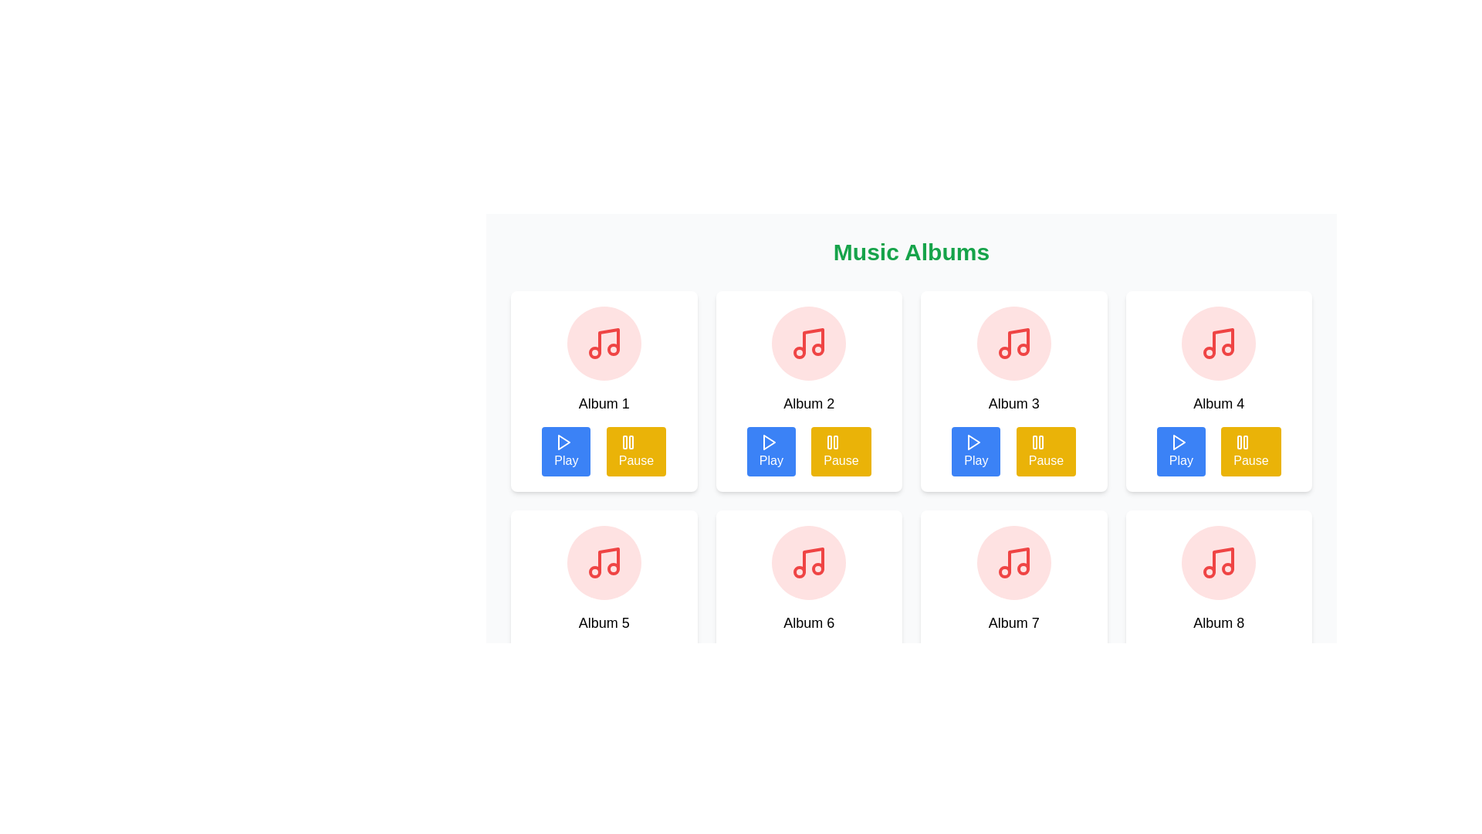 This screenshot has width=1482, height=834. Describe the element at coordinates (1246, 442) in the screenshot. I see `the rightmost vertical yellow bar of the 'Pause' button icon in the fourth album's card on the second row of the 'Music Albums' section` at that location.